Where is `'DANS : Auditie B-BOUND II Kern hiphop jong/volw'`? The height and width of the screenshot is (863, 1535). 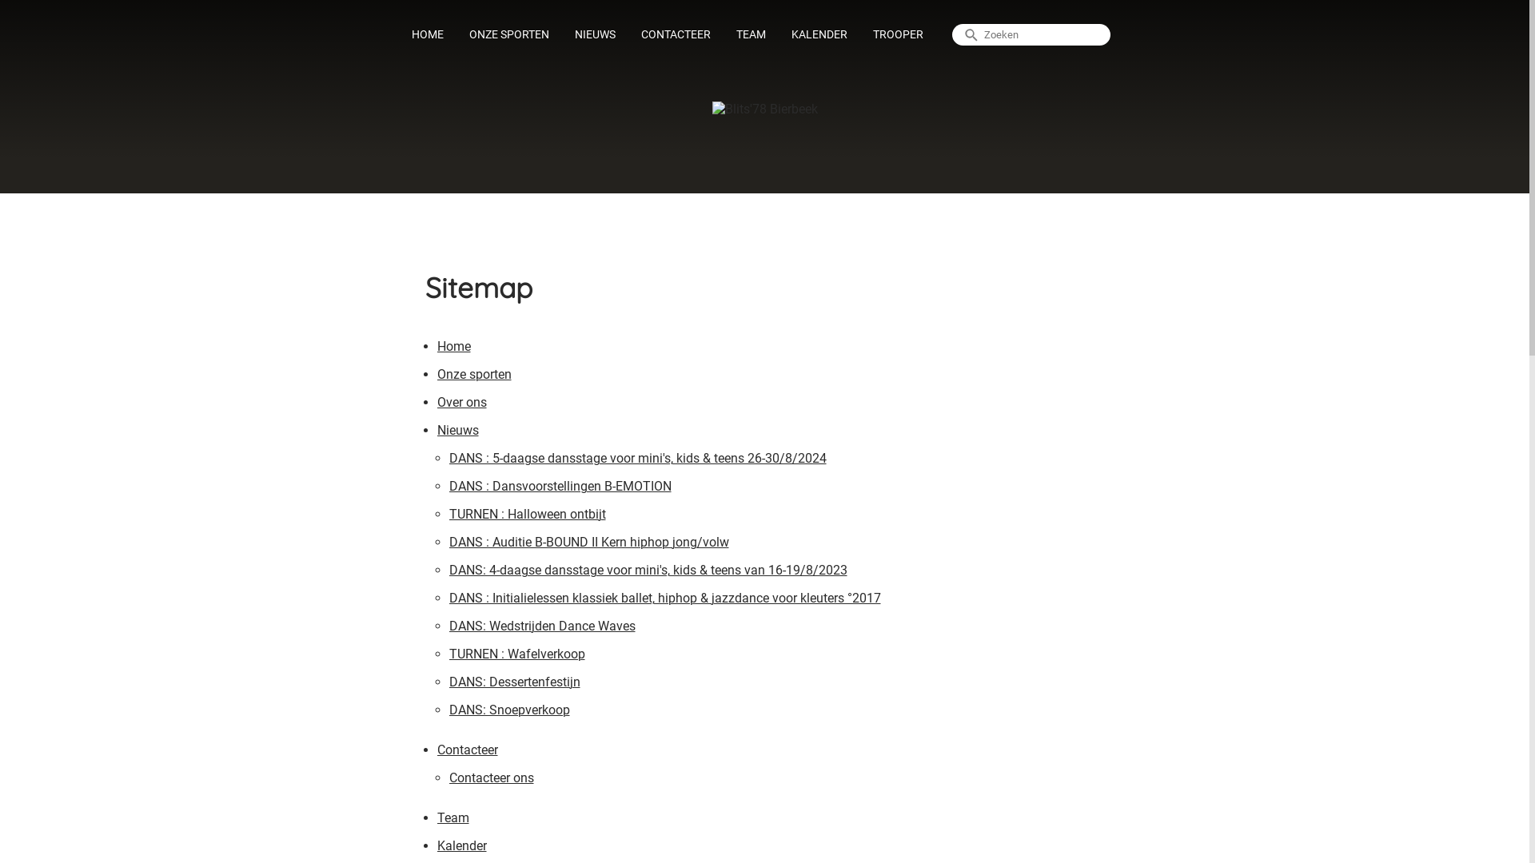
'DANS : Auditie B-BOUND II Kern hiphop jong/volw' is located at coordinates (588, 543).